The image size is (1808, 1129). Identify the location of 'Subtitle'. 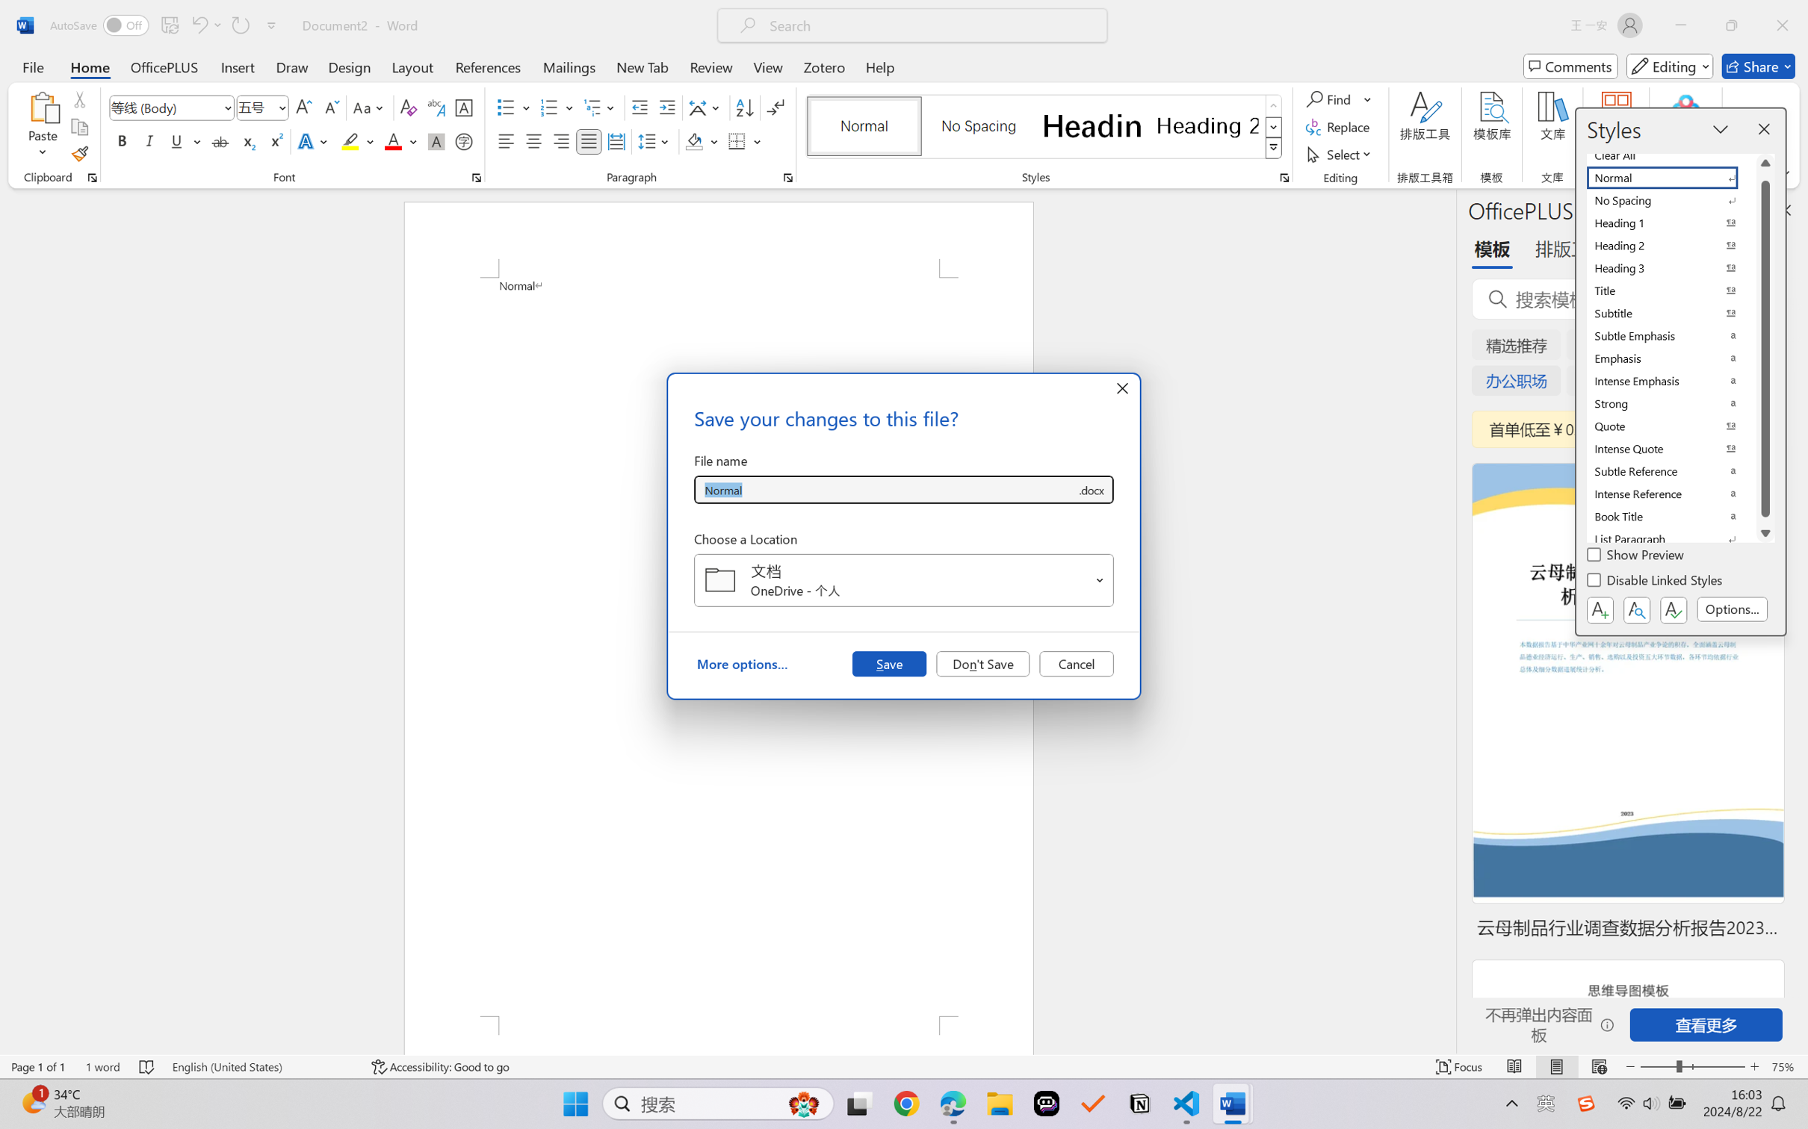
(1671, 313).